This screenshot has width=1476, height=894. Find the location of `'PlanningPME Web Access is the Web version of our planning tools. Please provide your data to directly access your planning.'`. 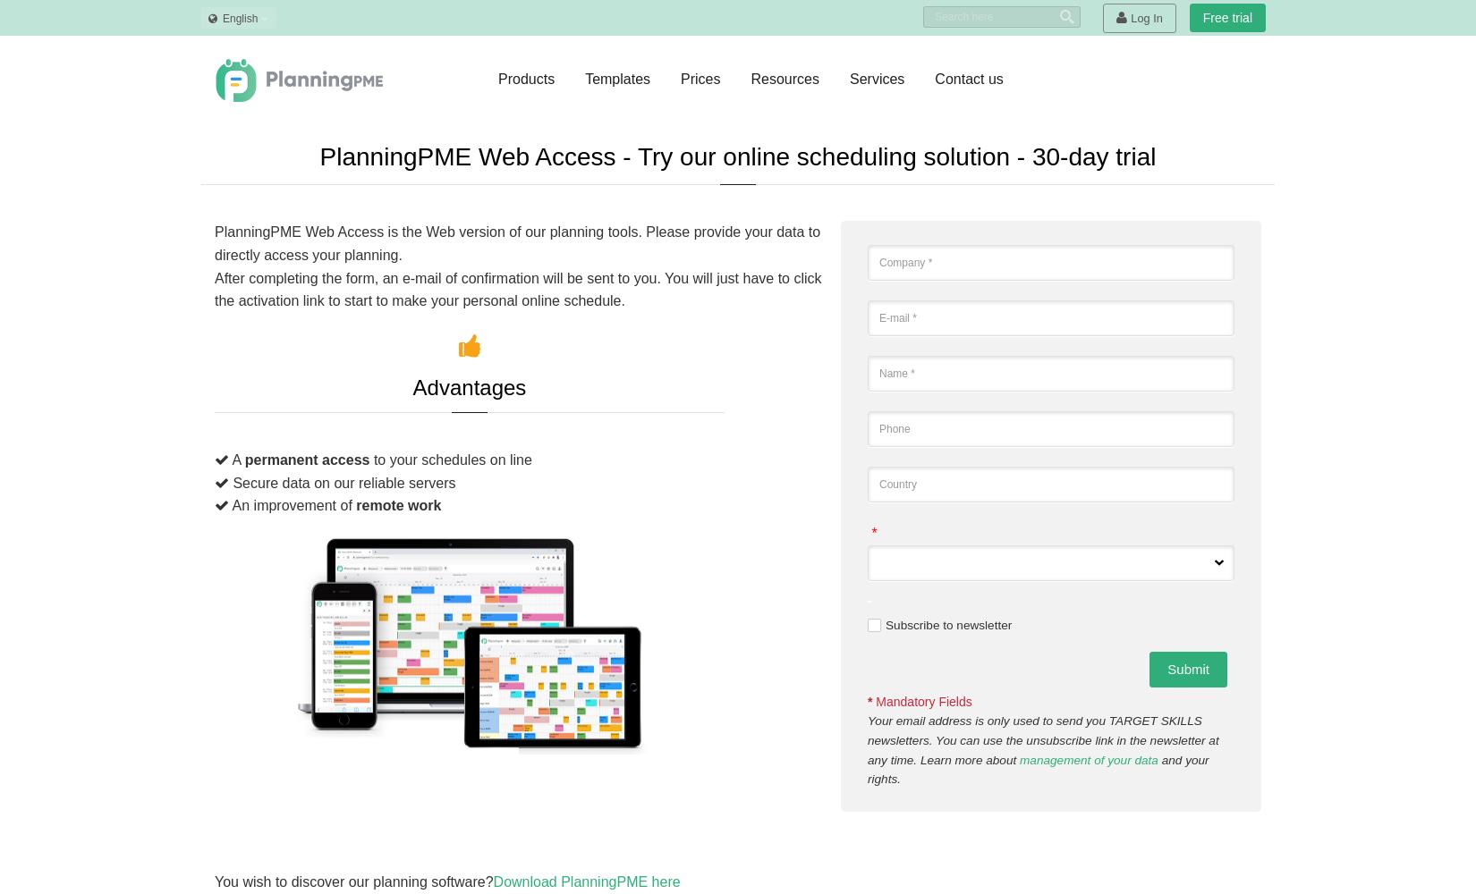

'PlanningPME Web Access is the Web version of our planning tools. Please provide your data to directly access your planning.' is located at coordinates (516, 243).